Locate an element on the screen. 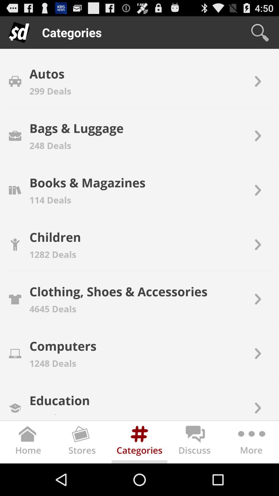 This screenshot has height=496, width=279. icon below the 114 deals is located at coordinates (55, 237).